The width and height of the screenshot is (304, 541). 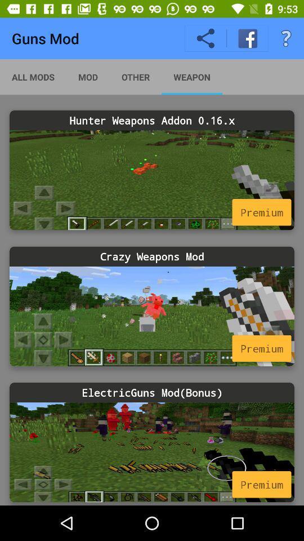 I want to click on the other item, so click(x=136, y=76).